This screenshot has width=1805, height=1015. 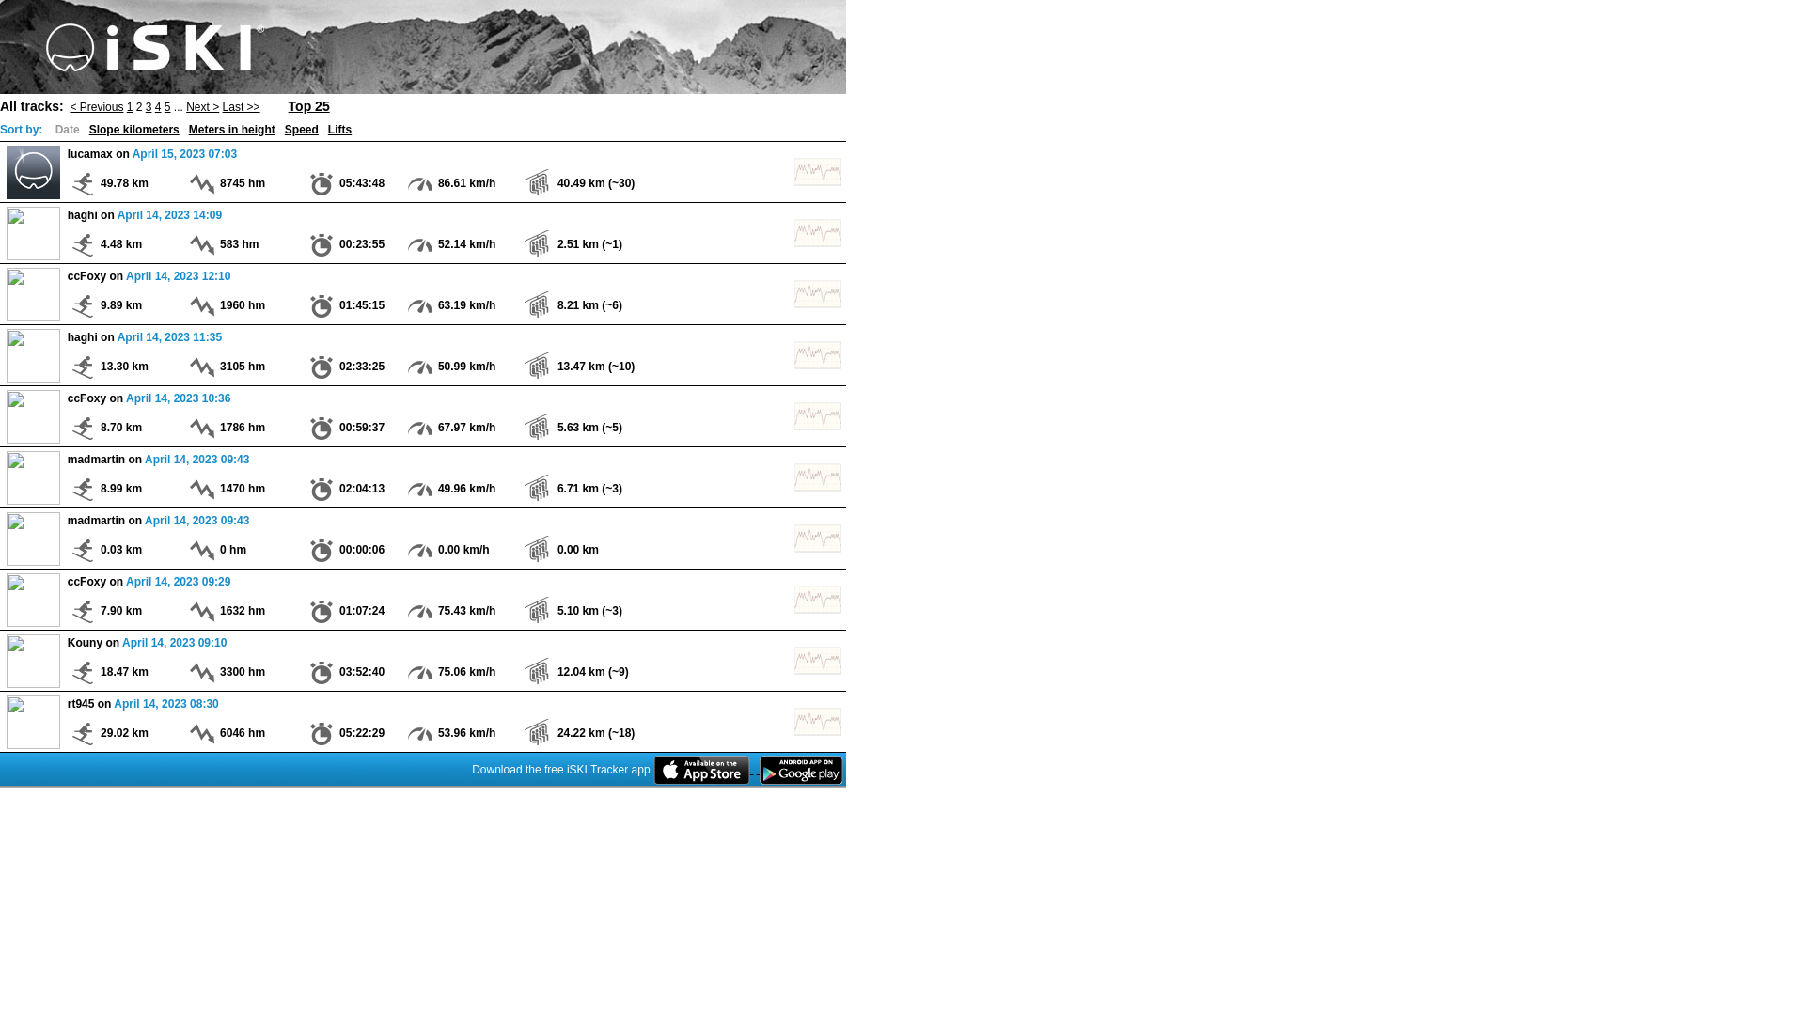 I want to click on 'Lifts', so click(x=339, y=128).